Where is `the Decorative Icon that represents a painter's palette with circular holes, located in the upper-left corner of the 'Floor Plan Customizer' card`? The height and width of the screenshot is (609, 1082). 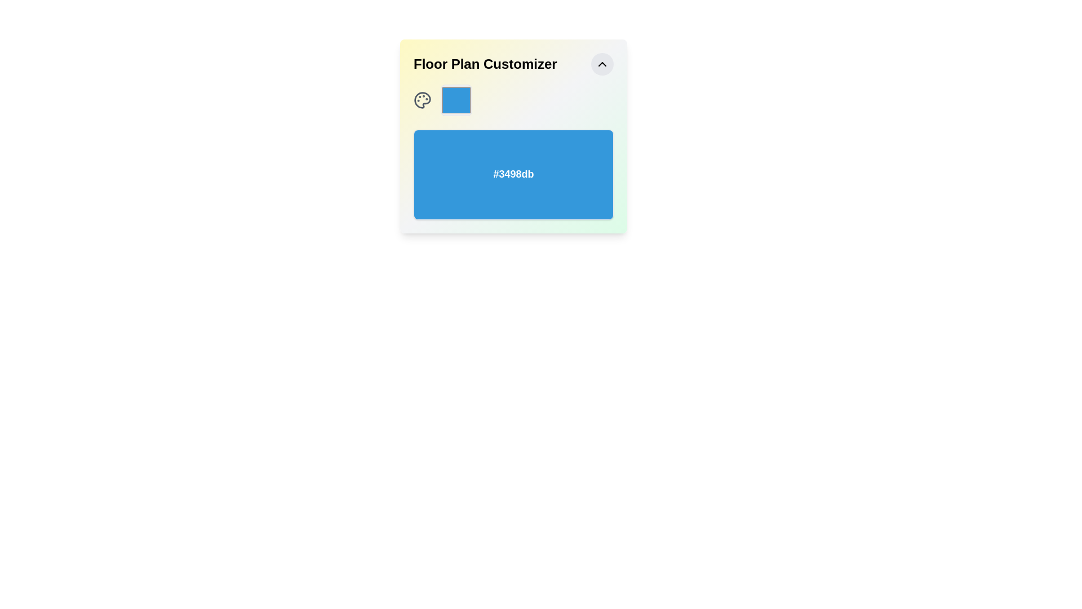
the Decorative Icon that represents a painter's palette with circular holes, located in the upper-left corner of the 'Floor Plan Customizer' card is located at coordinates (422, 99).